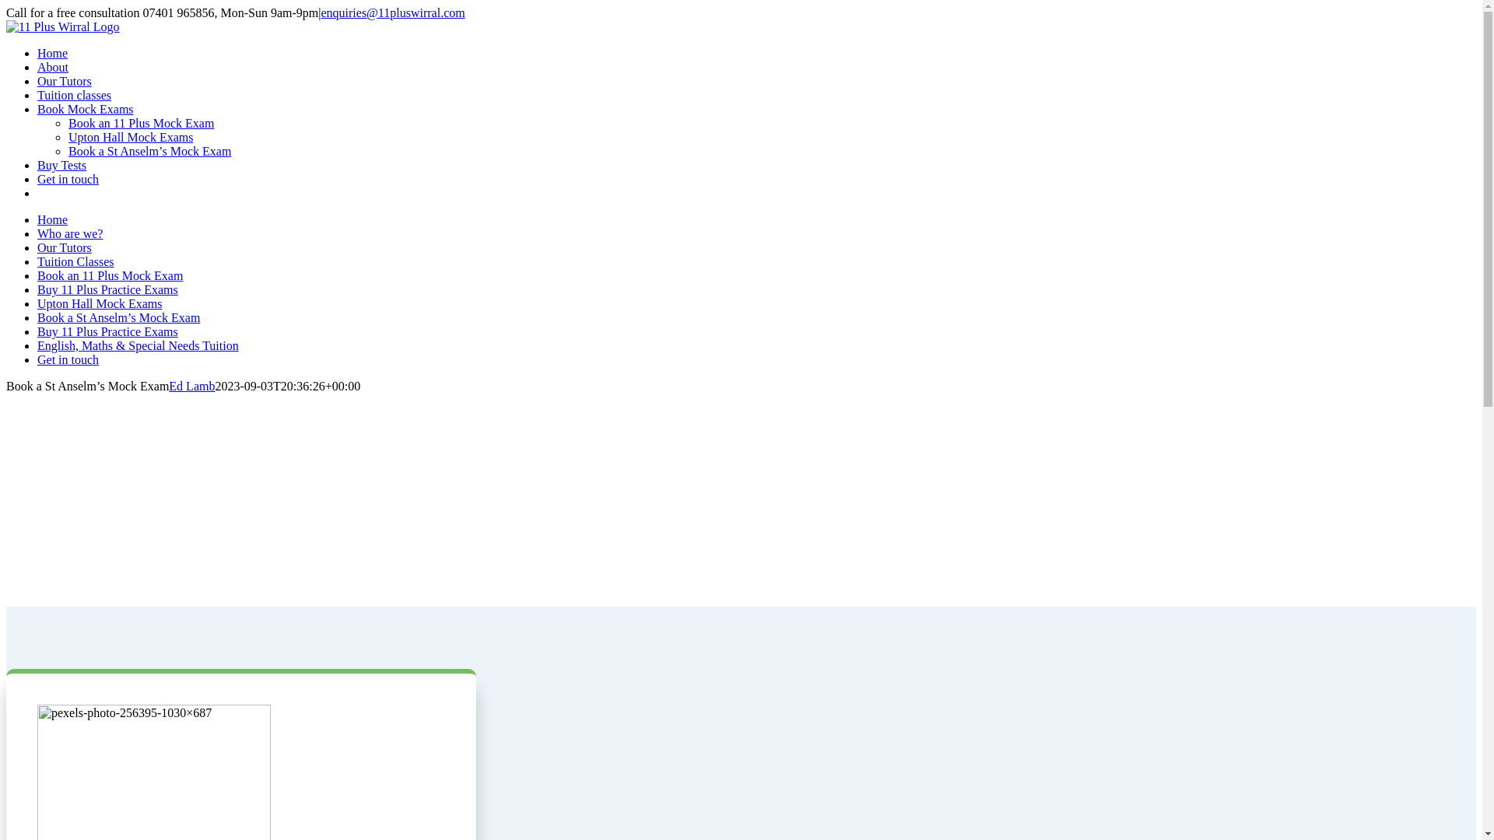  I want to click on 'Tuition Classes', so click(75, 261).